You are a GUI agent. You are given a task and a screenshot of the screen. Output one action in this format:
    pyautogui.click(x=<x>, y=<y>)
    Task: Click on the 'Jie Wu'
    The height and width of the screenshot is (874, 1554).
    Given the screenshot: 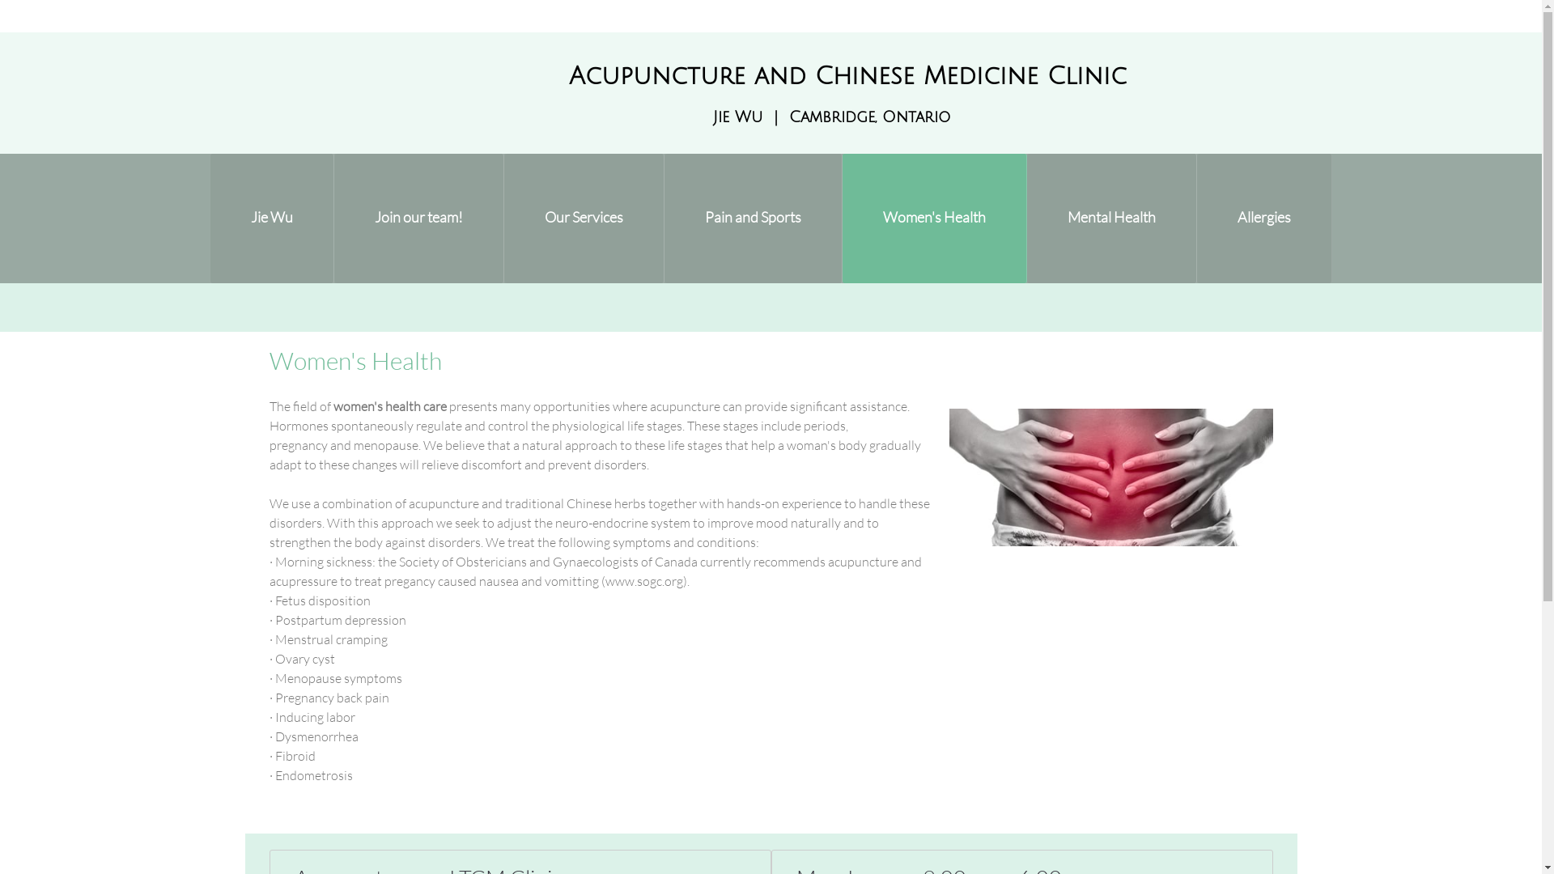 What is the action you would take?
    pyautogui.click(x=272, y=218)
    